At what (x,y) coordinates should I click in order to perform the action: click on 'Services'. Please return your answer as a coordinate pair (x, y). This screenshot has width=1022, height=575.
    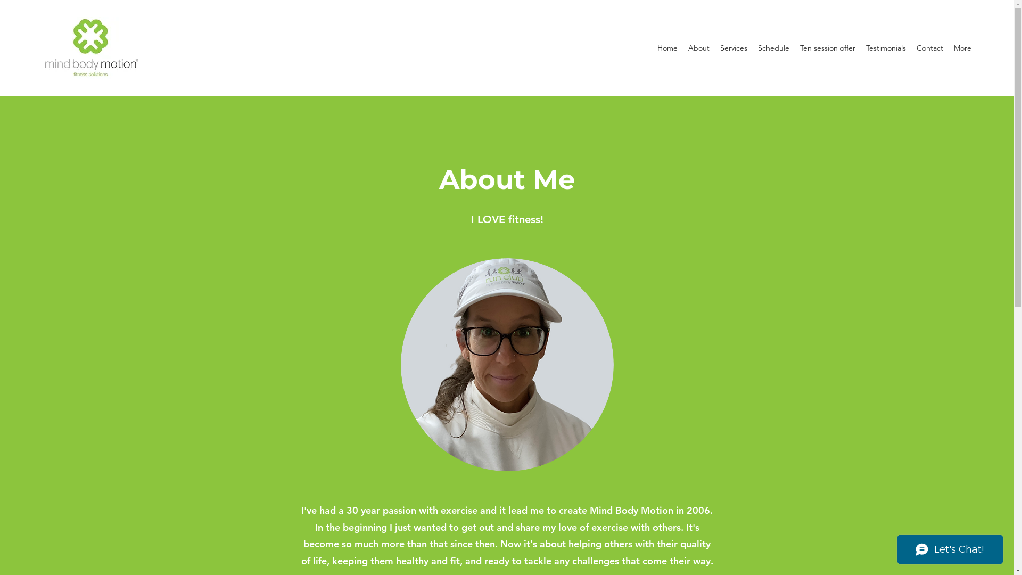
    Looking at the image, I should click on (733, 47).